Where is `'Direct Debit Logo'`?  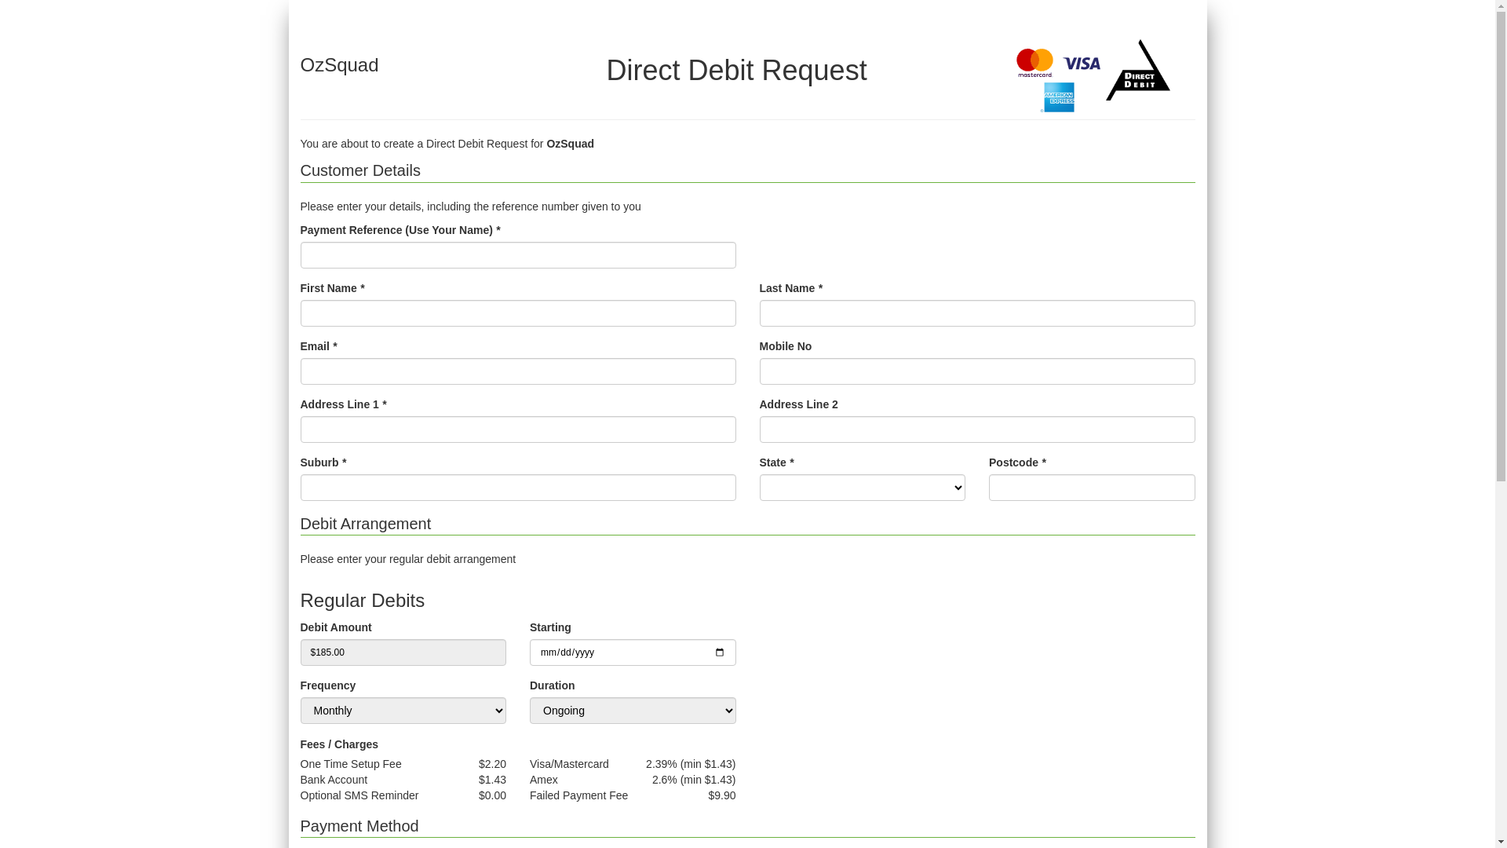 'Direct Debit Logo' is located at coordinates (1138, 68).